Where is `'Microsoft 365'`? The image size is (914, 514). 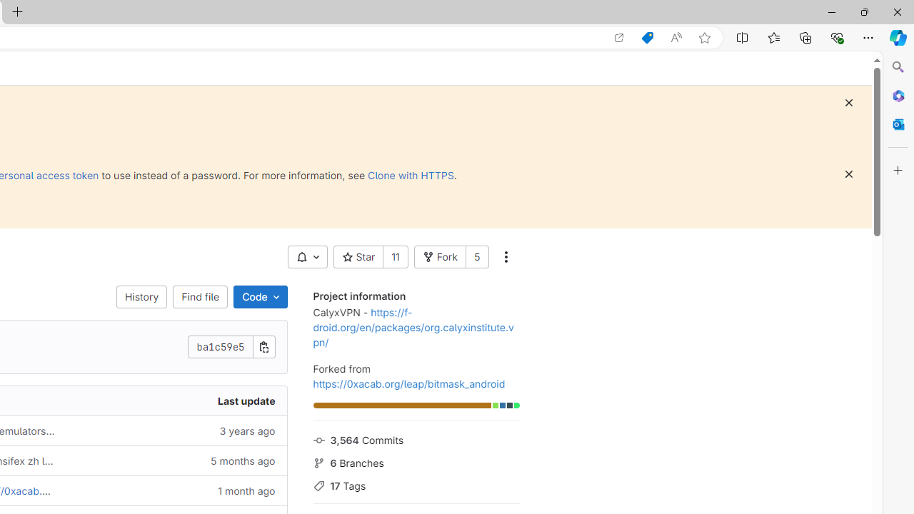
'Microsoft 365' is located at coordinates (898, 95).